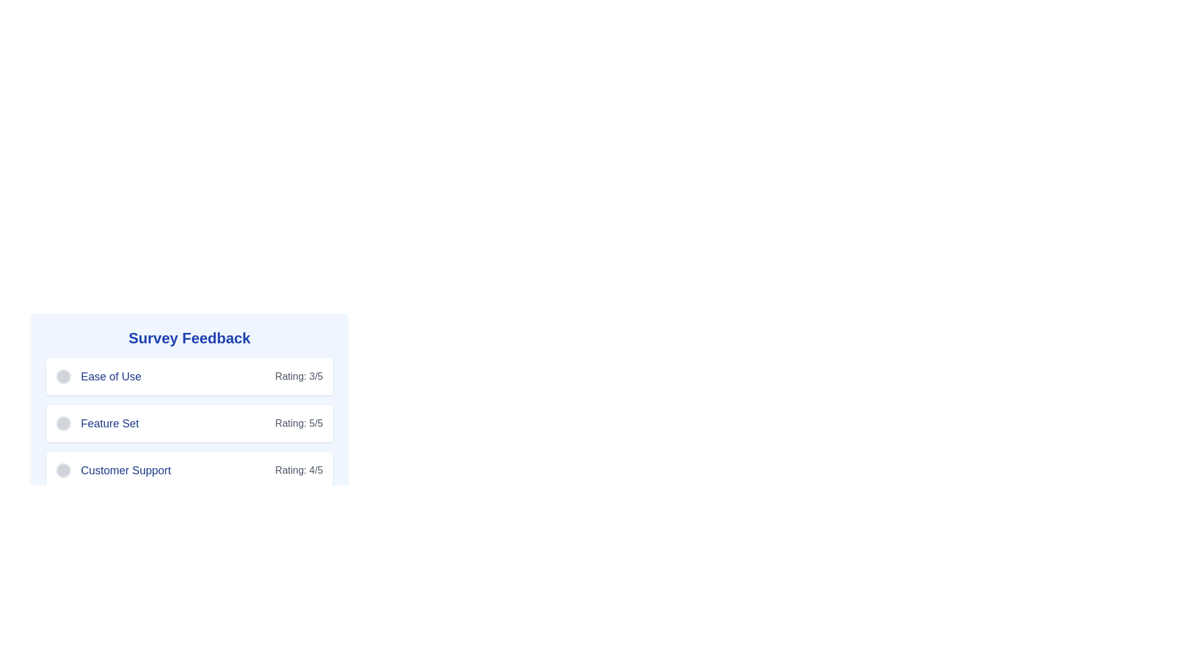 The width and height of the screenshot is (1186, 667). Describe the element at coordinates (189, 423) in the screenshot. I see `the Informational block displaying the 'Feature Set' rating score, which is the second of three blocks under the 'Survey Feedback' section` at that location.